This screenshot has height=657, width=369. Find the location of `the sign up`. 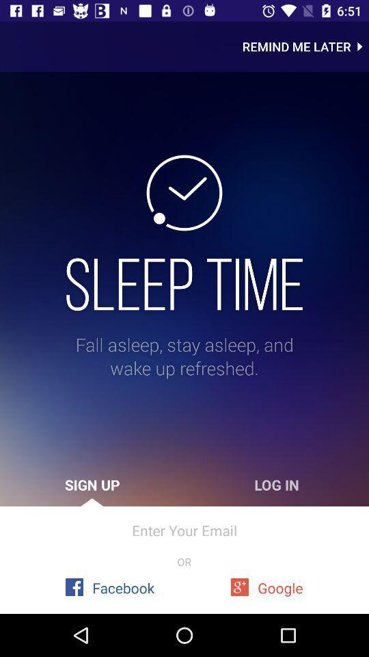

the sign up is located at coordinates (92, 485).